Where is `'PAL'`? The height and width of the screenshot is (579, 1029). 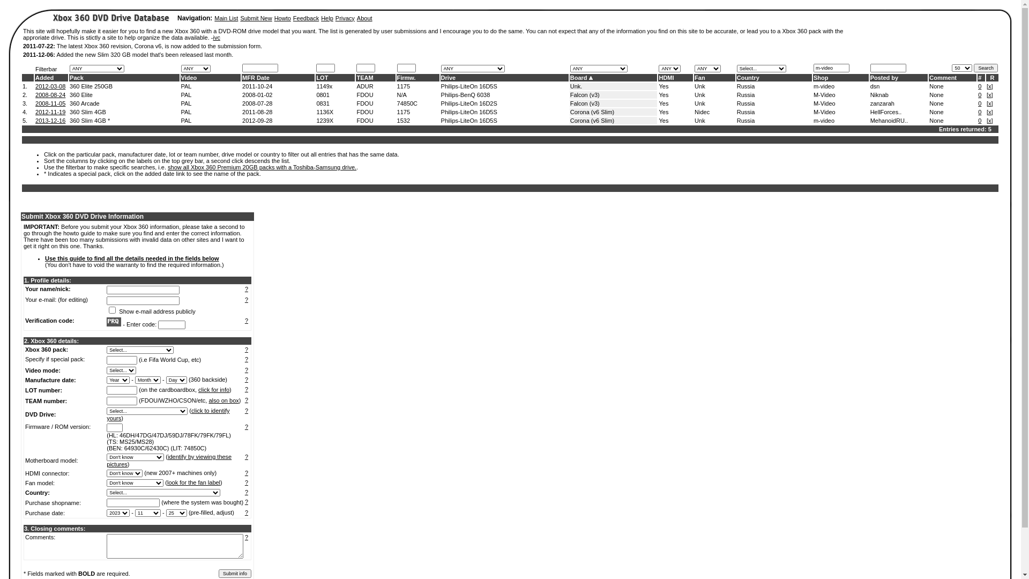 'PAL' is located at coordinates (187, 86).